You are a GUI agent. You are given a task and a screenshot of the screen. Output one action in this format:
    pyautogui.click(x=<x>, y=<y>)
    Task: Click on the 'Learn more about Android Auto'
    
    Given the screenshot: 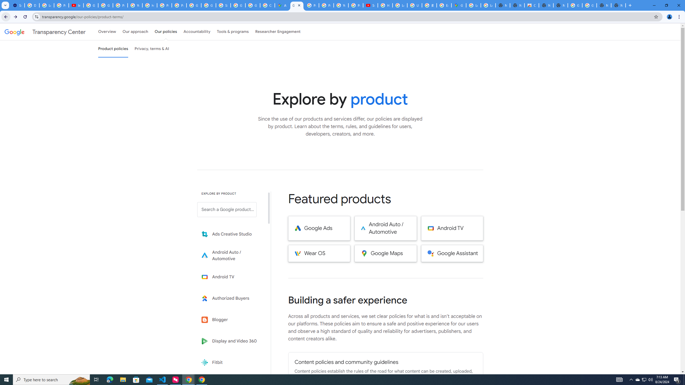 What is the action you would take?
    pyautogui.click(x=230, y=255)
    